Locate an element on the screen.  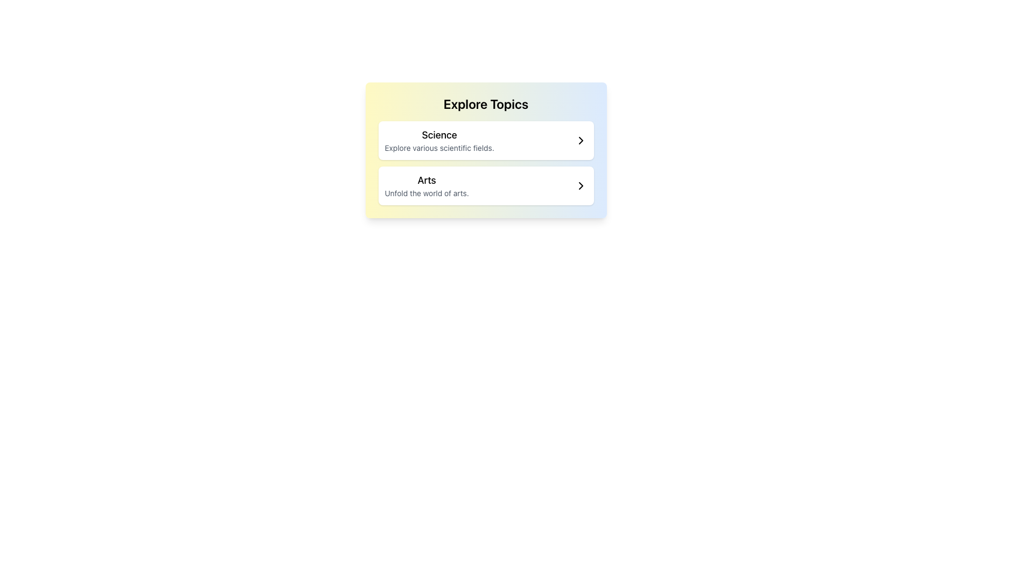
text block titled 'Arts' that contains the lines 'Arts' and 'Unfold the world of arts.' positioned within the second card under the header 'Explore Topics.' is located at coordinates (426, 185).